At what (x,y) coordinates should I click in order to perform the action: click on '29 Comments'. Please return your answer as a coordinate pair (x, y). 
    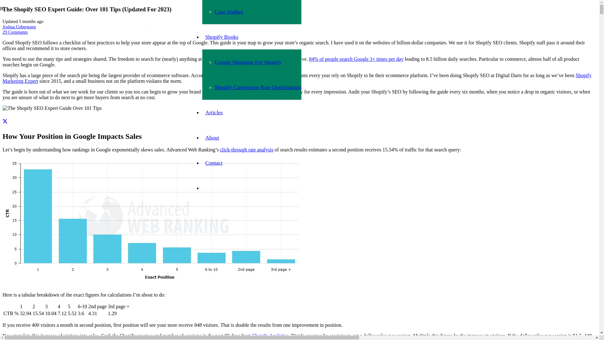
    Looking at the image, I should click on (3, 32).